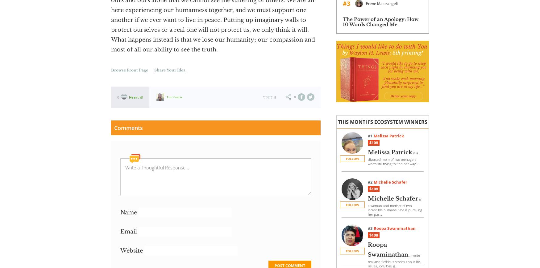 This screenshot has height=268, width=540. Describe the element at coordinates (128, 212) in the screenshot. I see `'Name'` at that location.